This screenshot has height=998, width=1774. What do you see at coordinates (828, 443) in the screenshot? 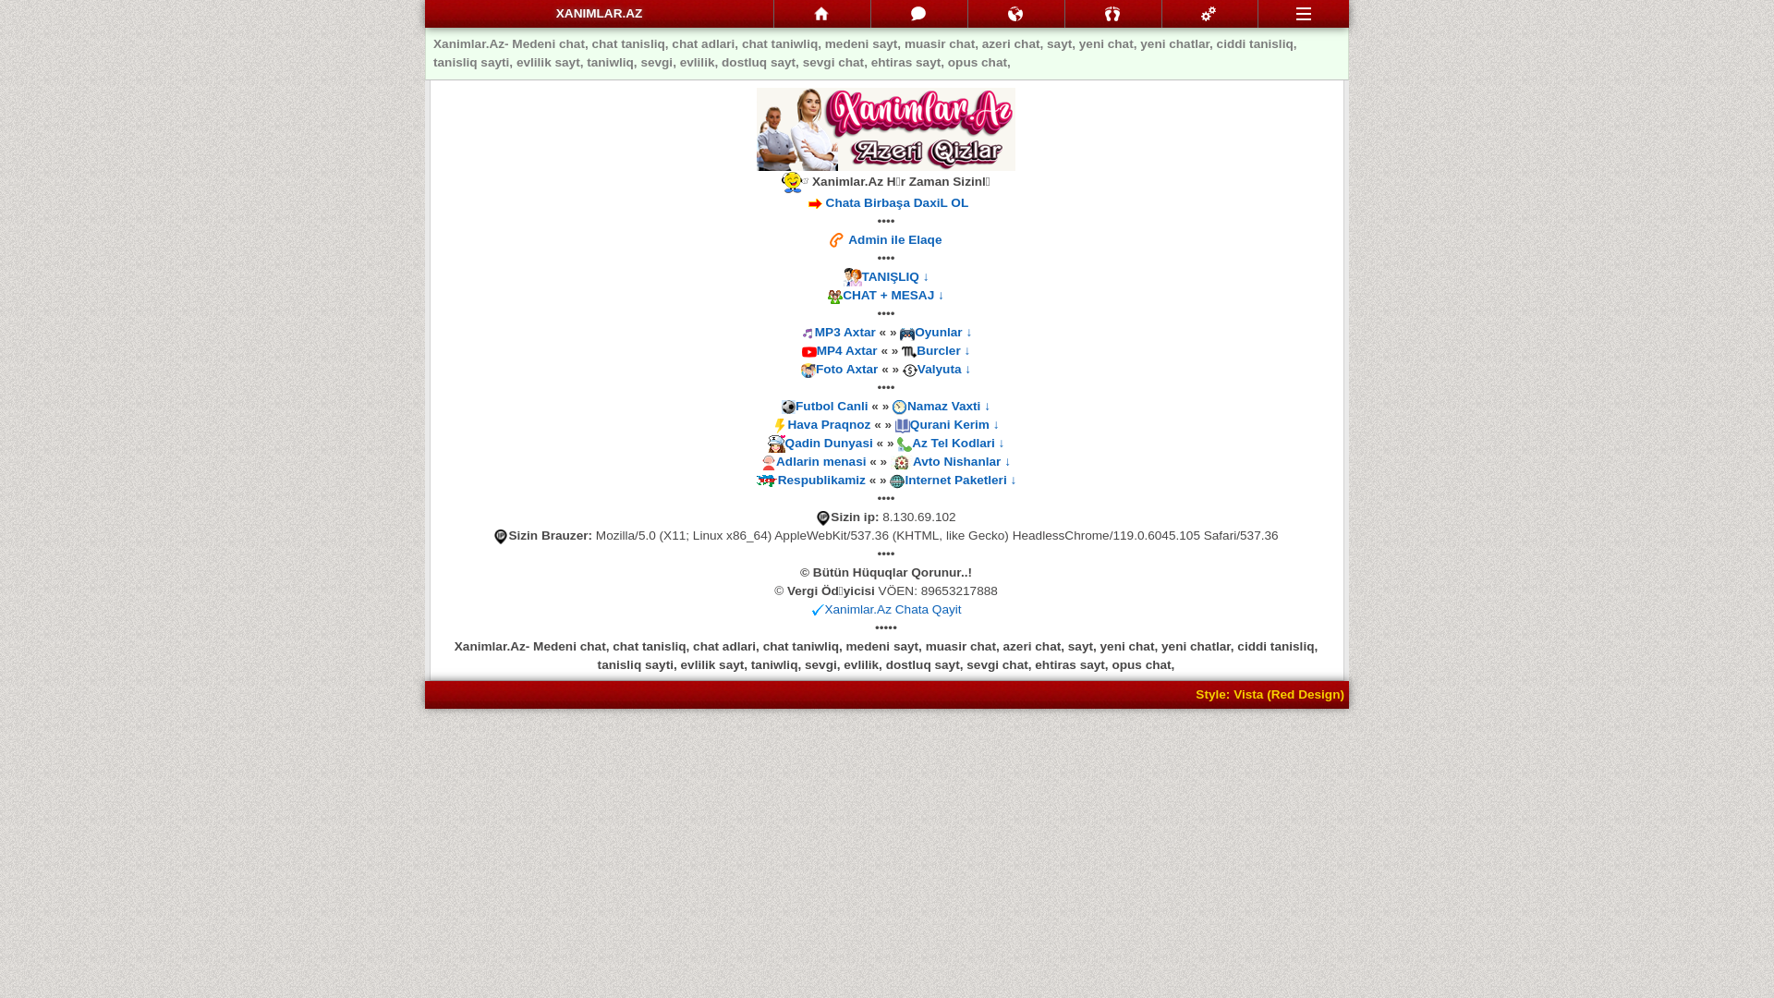
I see `'Qadin Dunyasi'` at bounding box center [828, 443].